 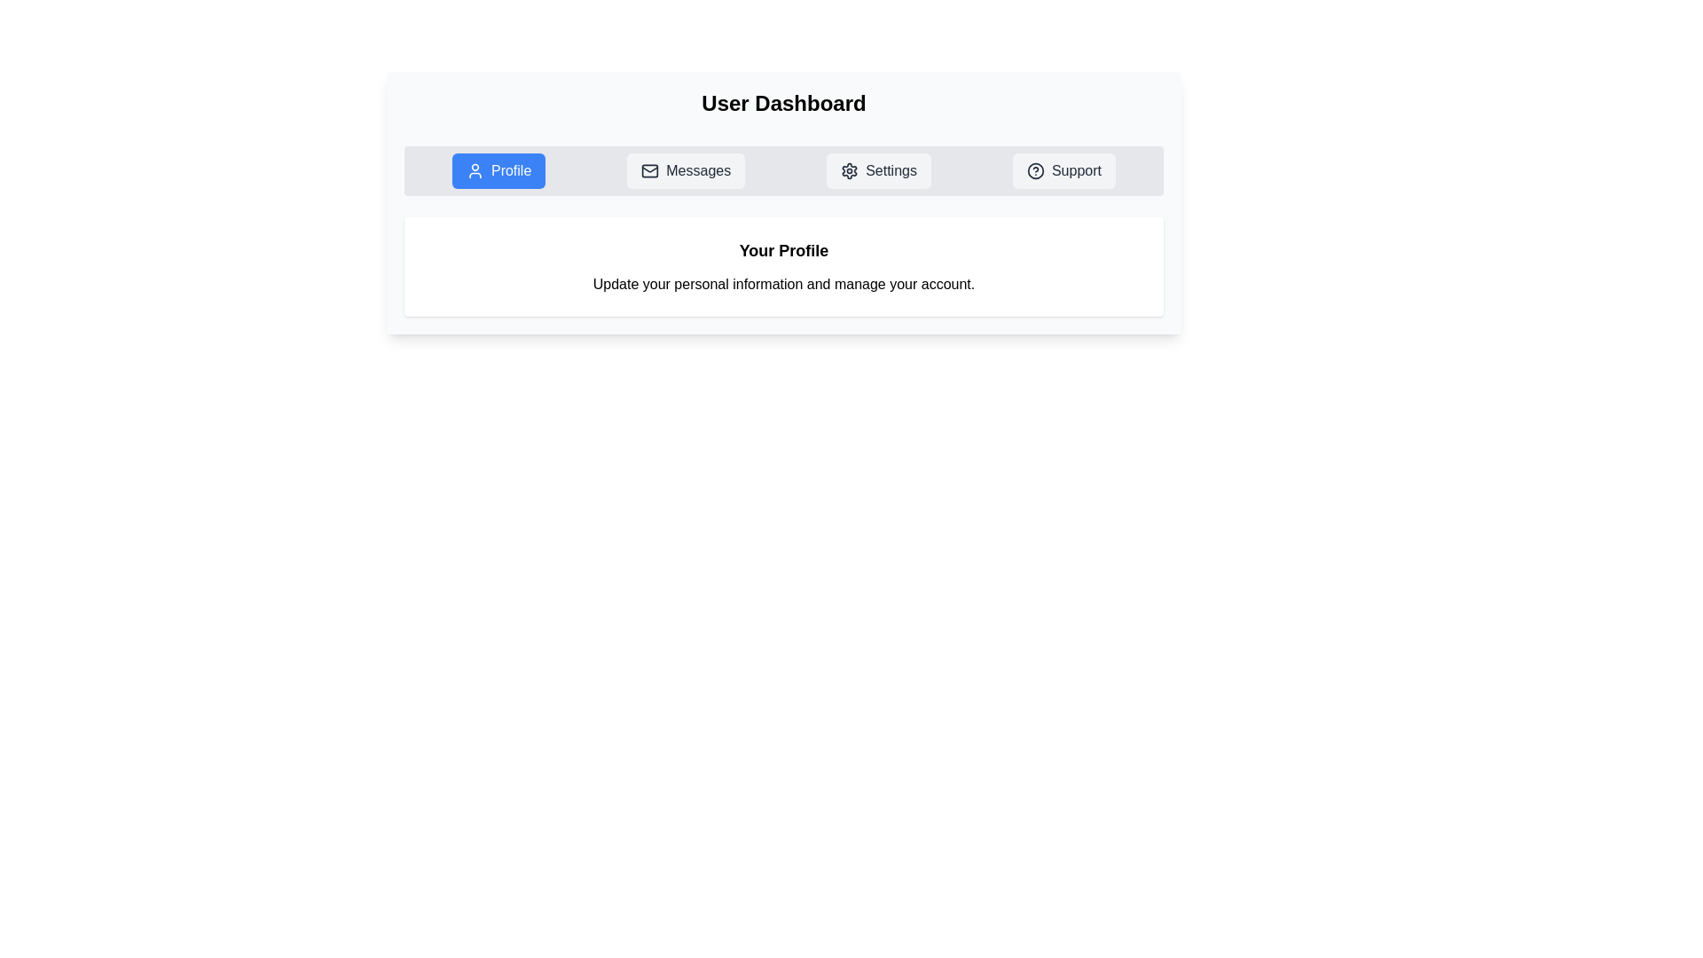 What do you see at coordinates (782, 250) in the screenshot?
I see `the static text element that serves as a headline or title for the section, located above the text 'Update your personal information and manage your account.'` at bounding box center [782, 250].